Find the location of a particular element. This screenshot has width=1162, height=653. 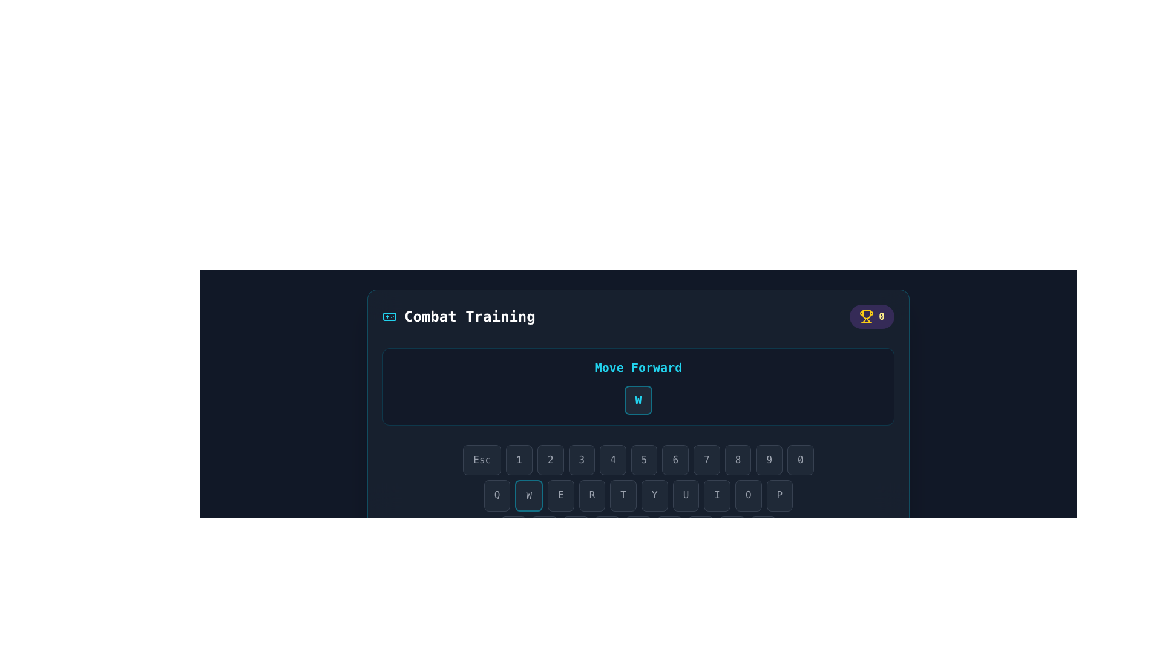

the decorative gaming icon located to the left of the 'Combat Training' text in the top-left area of the interface is located at coordinates (389, 316).